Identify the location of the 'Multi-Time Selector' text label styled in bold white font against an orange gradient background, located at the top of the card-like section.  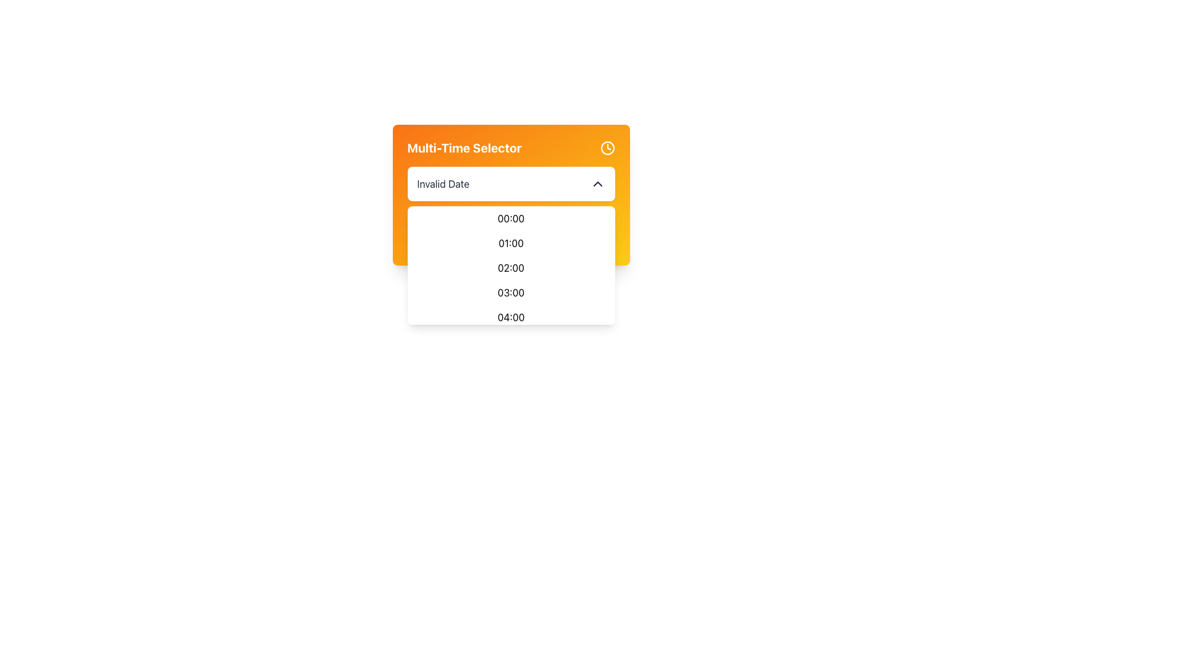
(511, 147).